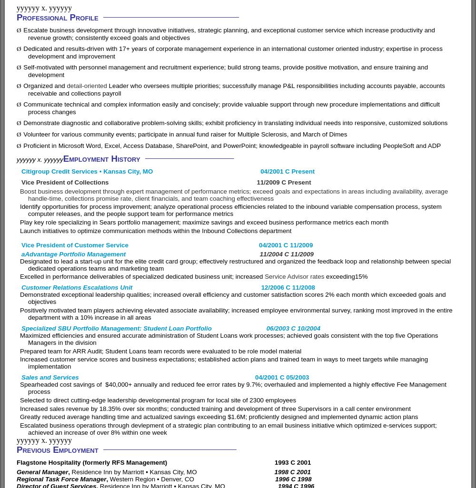 This screenshot has height=488, width=476. I want to click on 'provide valuable support
through new procedure implementations and difficult process changes', so click(233, 107).